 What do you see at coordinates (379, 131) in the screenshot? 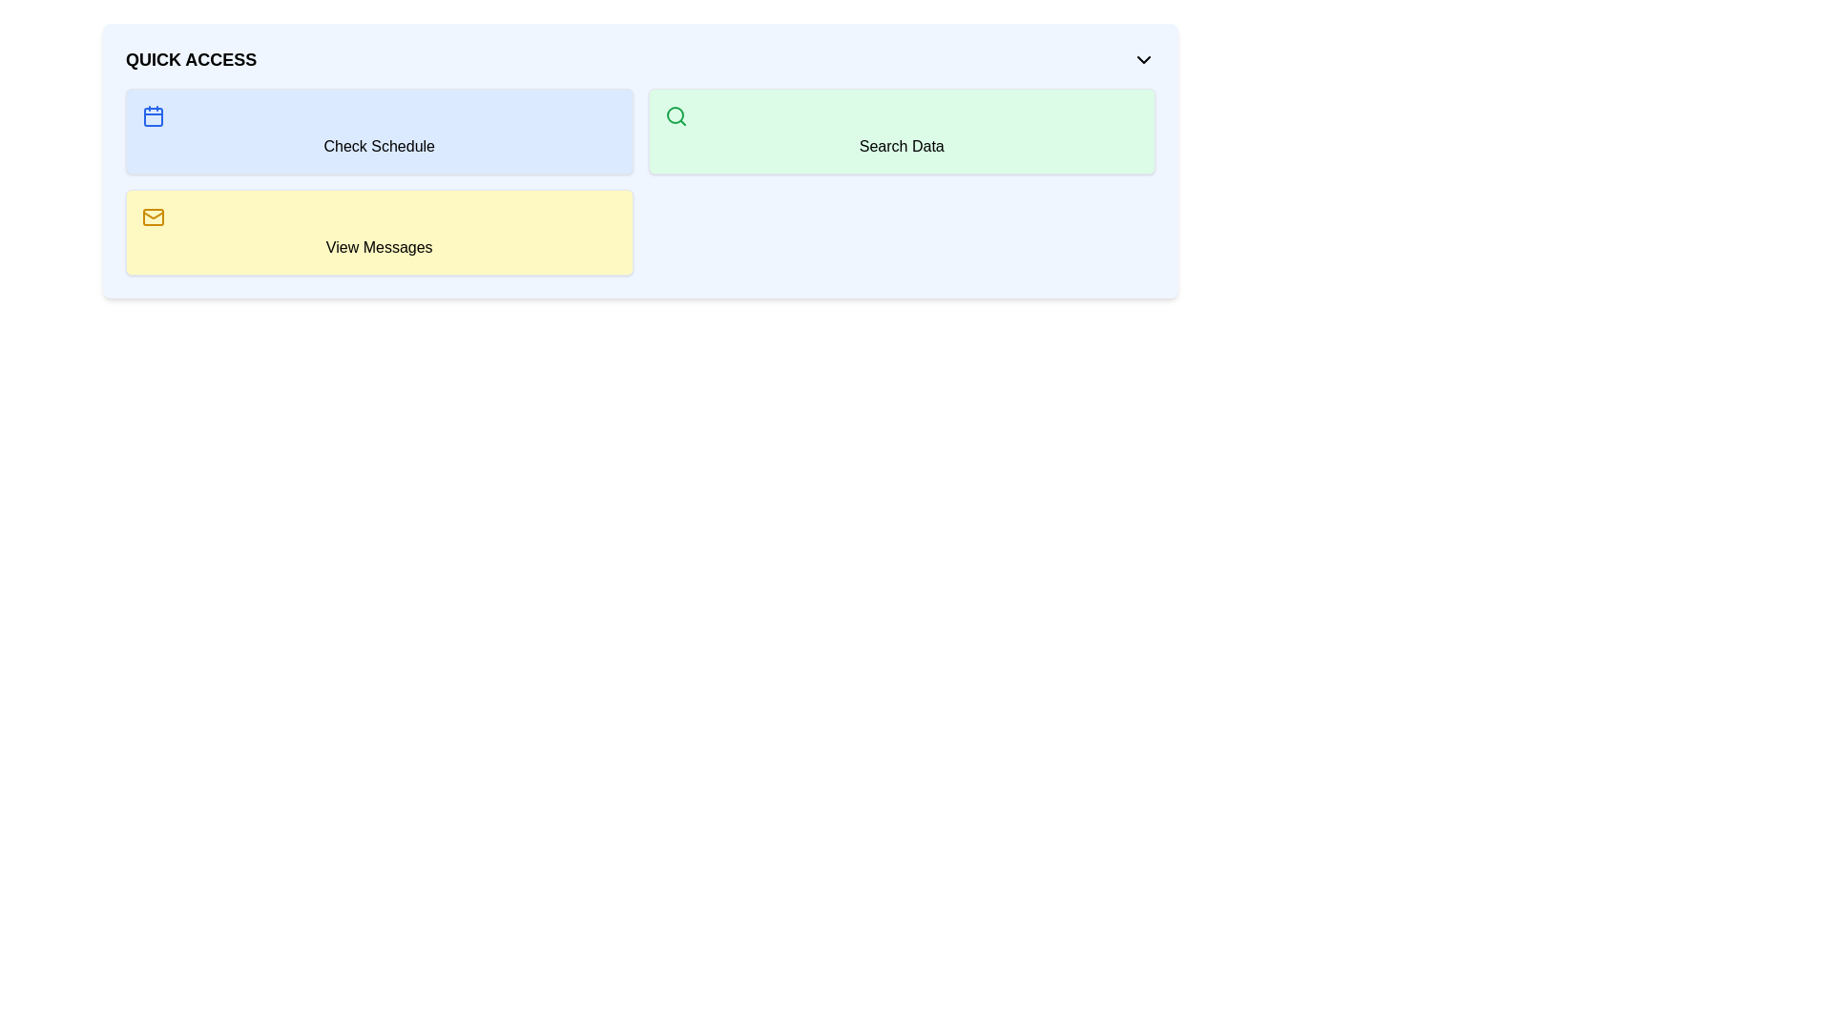
I see `the top-left button in the grid layout` at bounding box center [379, 131].